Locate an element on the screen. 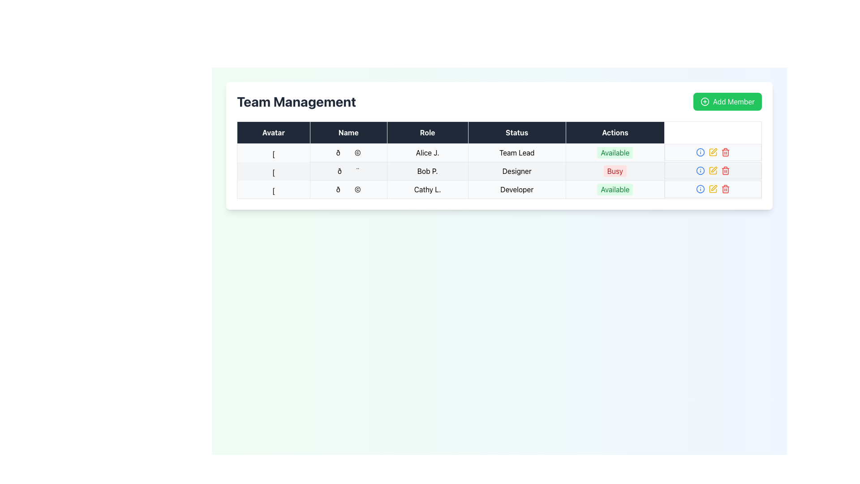  the circular information icon in the second row of the 'Team Management' table, which corresponds to user 'Bob P.' is located at coordinates (700, 170).